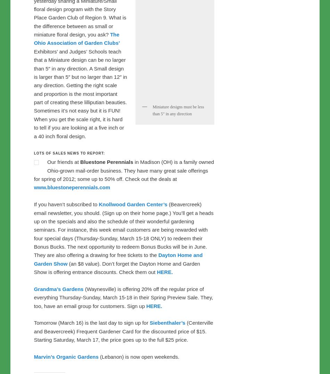 This screenshot has width=330, height=374. Describe the element at coordinates (33, 246) in the screenshot. I see `'(Beavercreek) email newsletter, you should. (Sign up on their home page.) You’ll get a heads up on the specials and also the schedule of their wonderful gardening seminars. For instance, this week email customers are being rewarded with four special days (Thursday-Sunday, March 15-18 ONLY) to redeem their Bonus Bucks. The next opportunity to redeem Bonus Bucks will be in June. They are also offering a drawing for free tickets to the'` at that location.